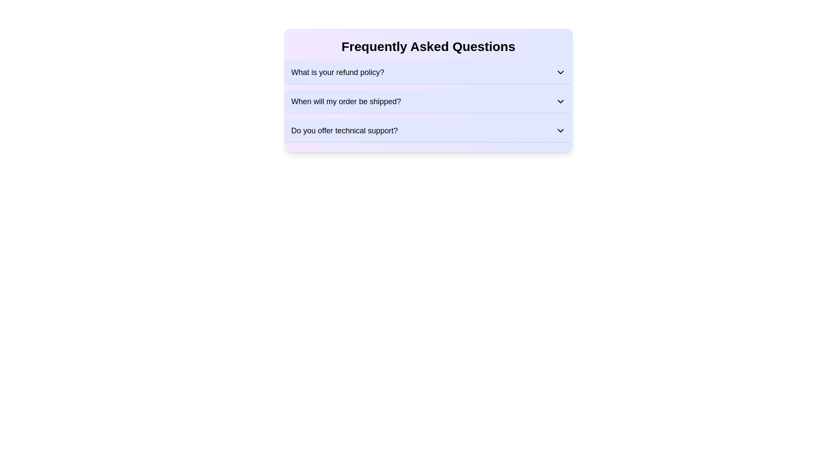  Describe the element at coordinates (560, 101) in the screenshot. I see `the chevron-down icon located at the far-right end of the row labeled 'When will my order be shipped?'` at that location.